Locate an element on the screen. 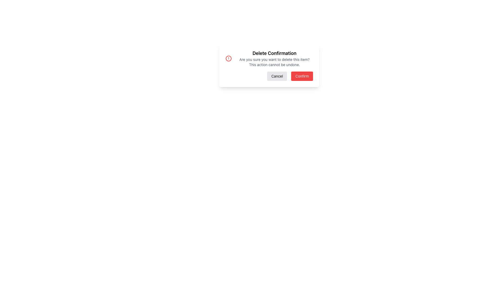 This screenshot has height=281, width=500. bold, large text heading displaying 'Delete Confirmation' located at the top center of the confirmation dialog box is located at coordinates (274, 53).